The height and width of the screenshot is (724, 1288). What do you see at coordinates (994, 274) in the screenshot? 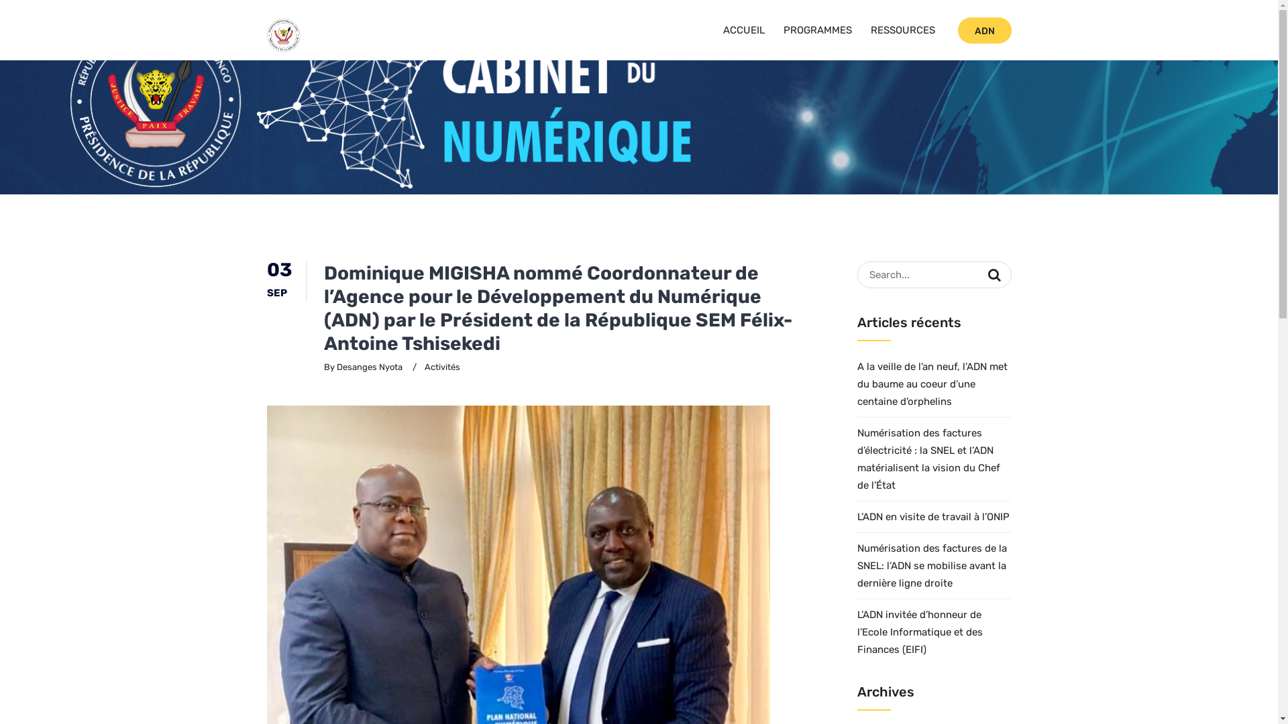
I see `'Search'` at bounding box center [994, 274].